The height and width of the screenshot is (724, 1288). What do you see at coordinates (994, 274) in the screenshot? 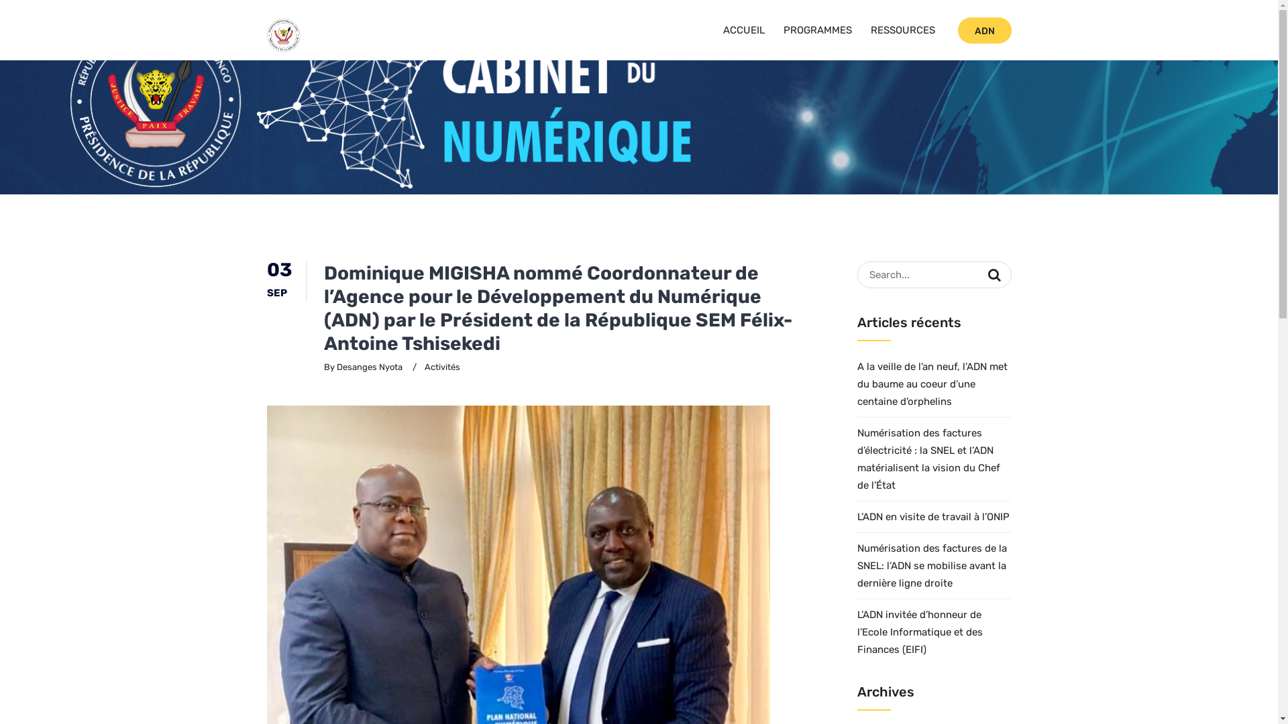
I see `'Search'` at bounding box center [994, 274].